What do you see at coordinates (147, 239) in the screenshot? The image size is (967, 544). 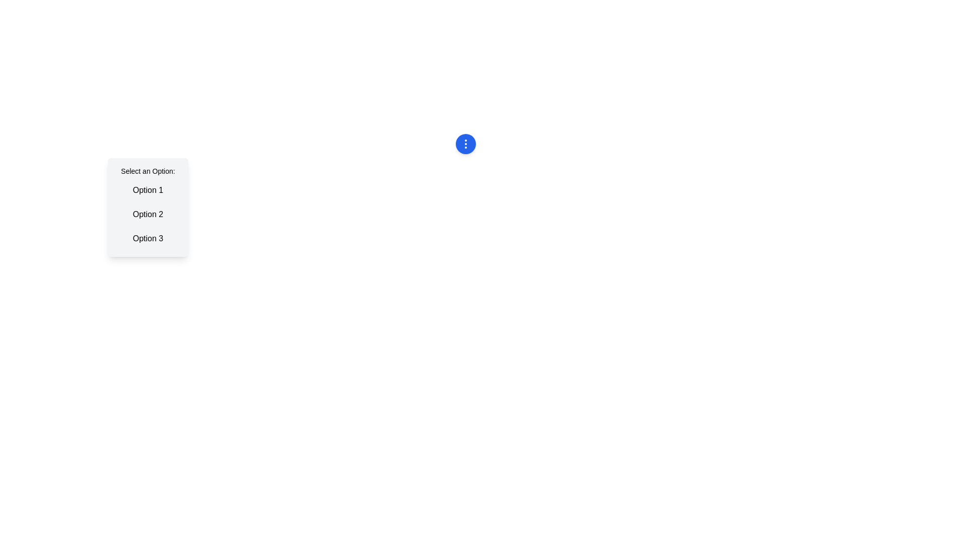 I see `the selectable text option labeled 'Option 3' located as the third item in a vertical list, positioned at the center-left of the interface` at bounding box center [147, 239].